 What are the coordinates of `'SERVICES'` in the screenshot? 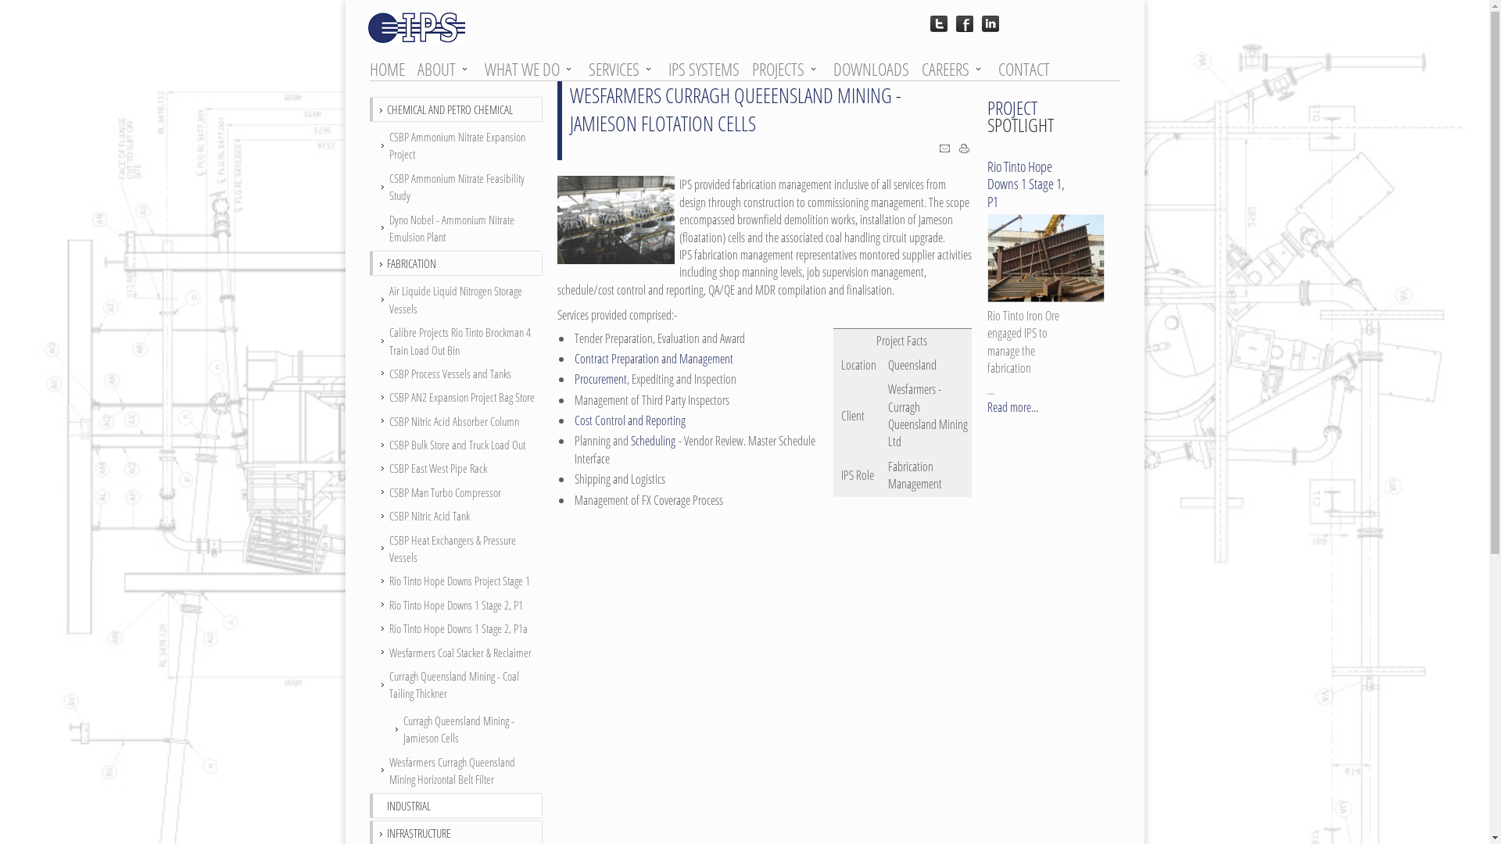 It's located at (619, 68).